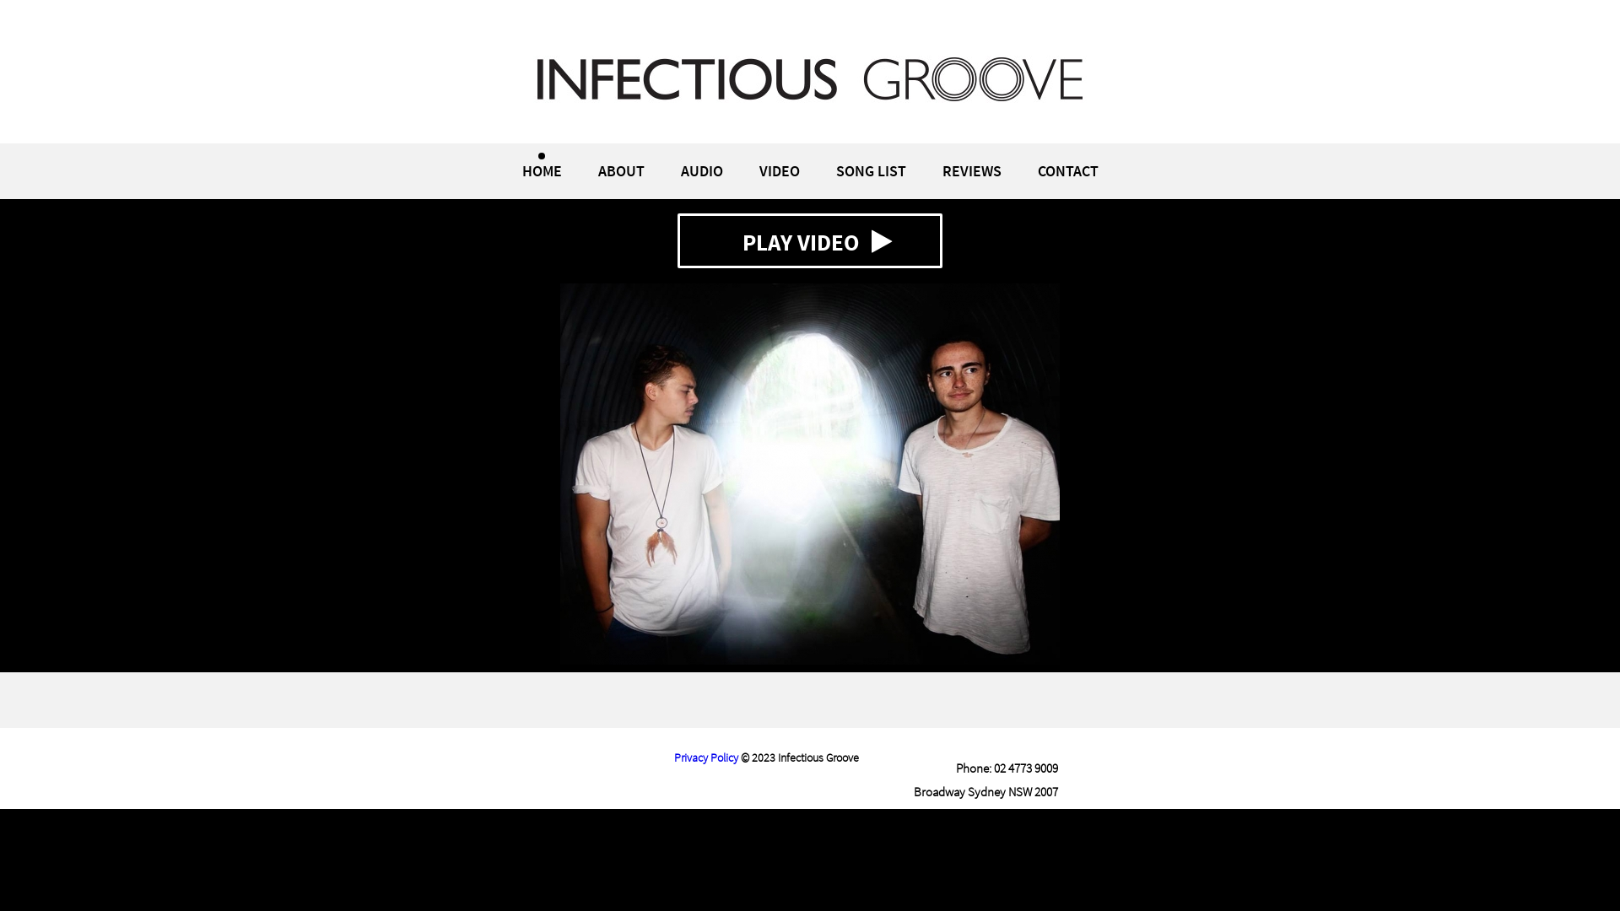 Image resolution: width=1620 pixels, height=911 pixels. What do you see at coordinates (700, 170) in the screenshot?
I see `'AUDIO'` at bounding box center [700, 170].